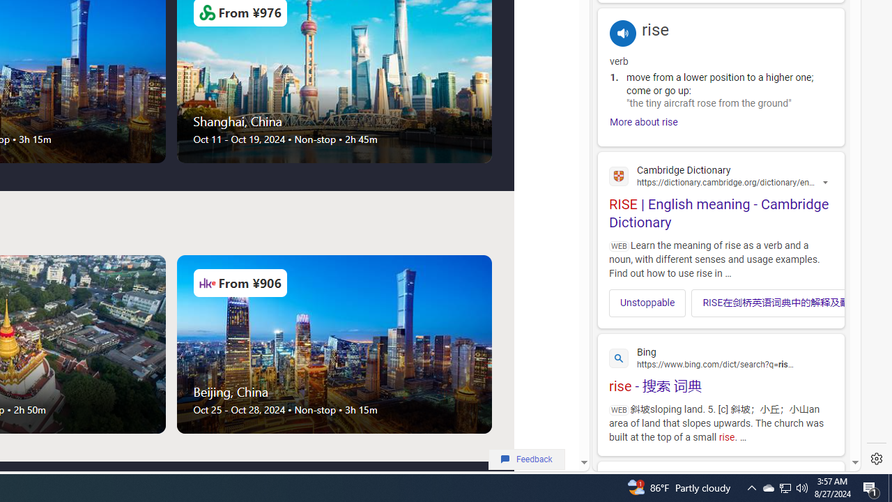 Image resolution: width=892 pixels, height=502 pixels. I want to click on 'Unstoppable', so click(647, 301).